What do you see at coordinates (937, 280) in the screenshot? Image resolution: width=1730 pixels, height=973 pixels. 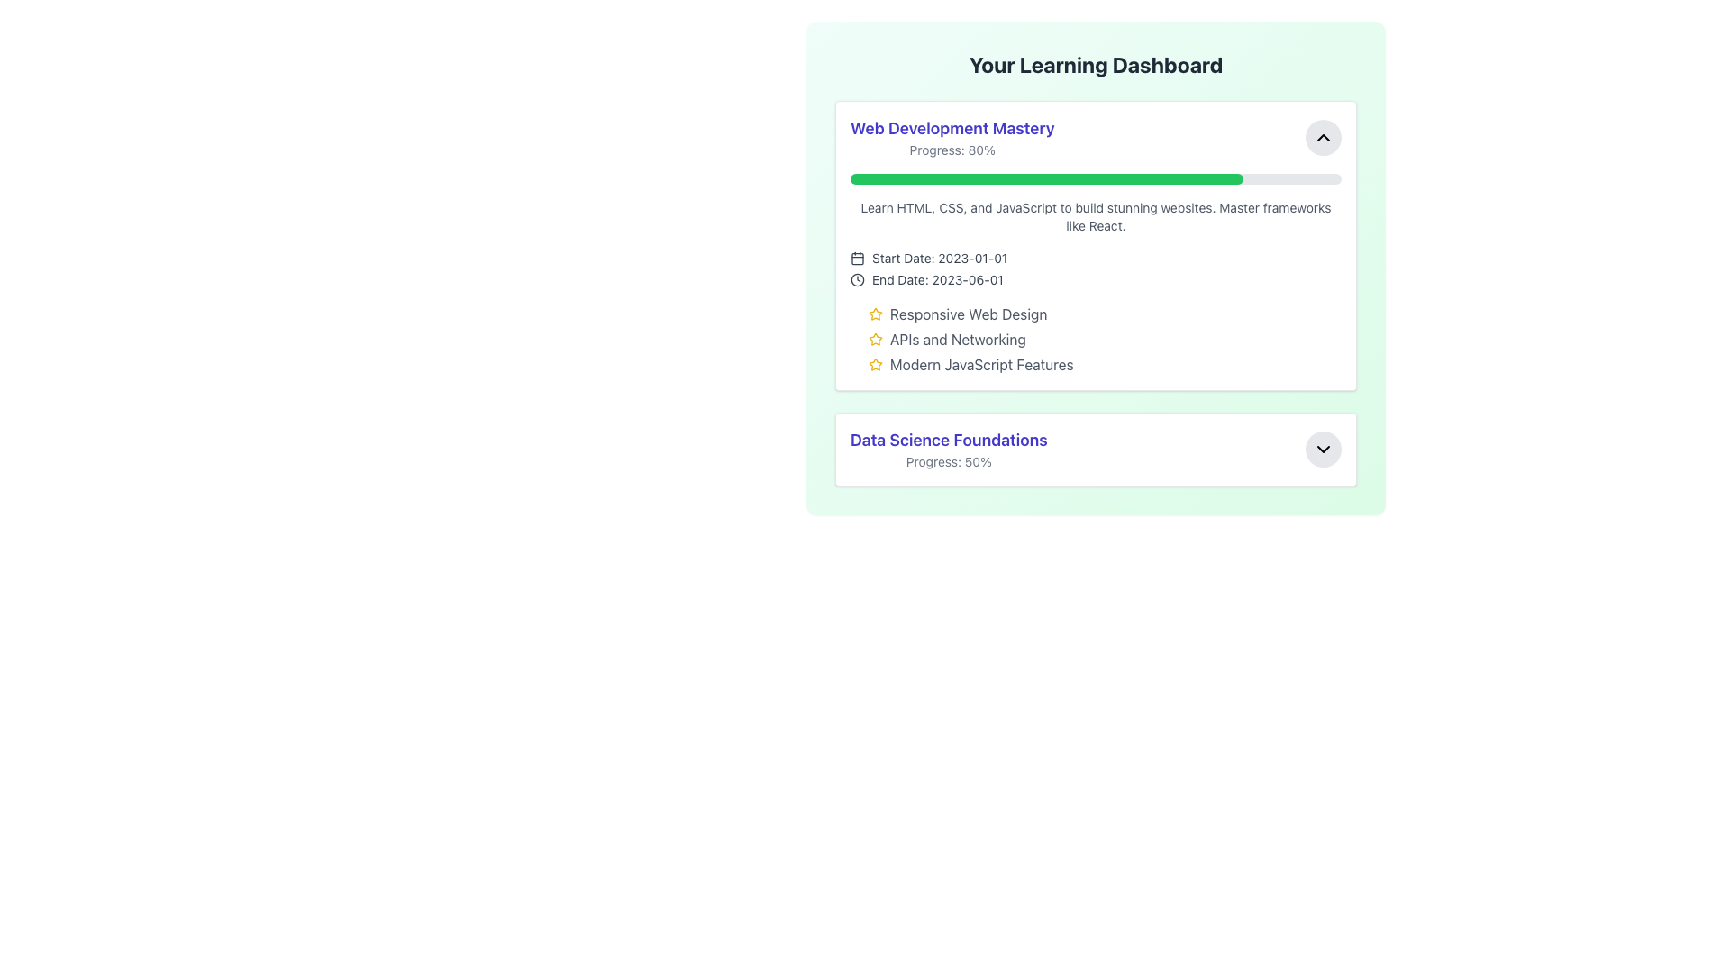 I see `the non-interactive text label indicating the end date of the course in the 'Web Development Mastery' section of the learning dashboard` at bounding box center [937, 280].